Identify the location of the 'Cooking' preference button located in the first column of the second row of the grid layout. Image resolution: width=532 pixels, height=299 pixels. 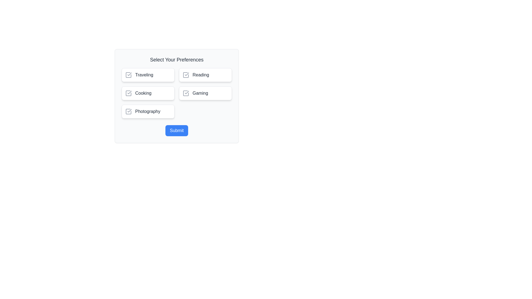
(148, 93).